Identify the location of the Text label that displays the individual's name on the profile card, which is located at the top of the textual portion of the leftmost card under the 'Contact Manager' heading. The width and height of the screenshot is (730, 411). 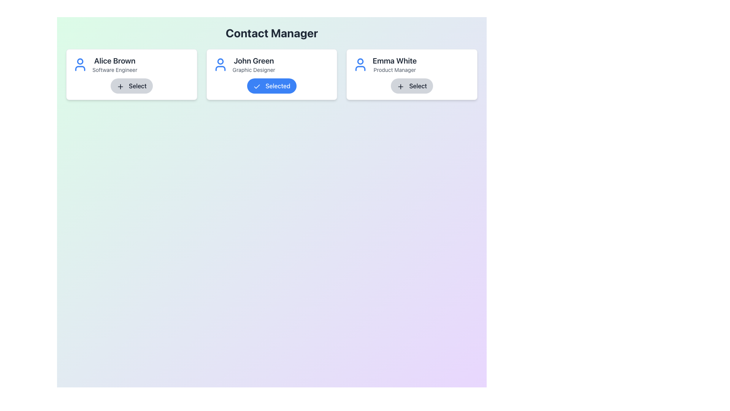
(114, 60).